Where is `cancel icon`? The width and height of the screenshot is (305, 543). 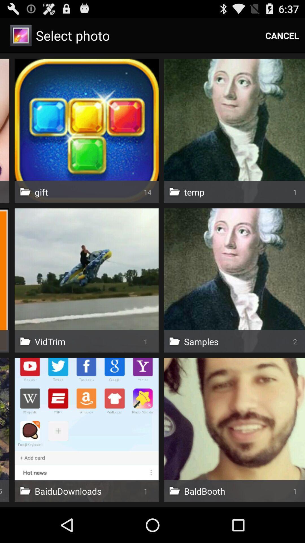 cancel icon is located at coordinates (282, 35).